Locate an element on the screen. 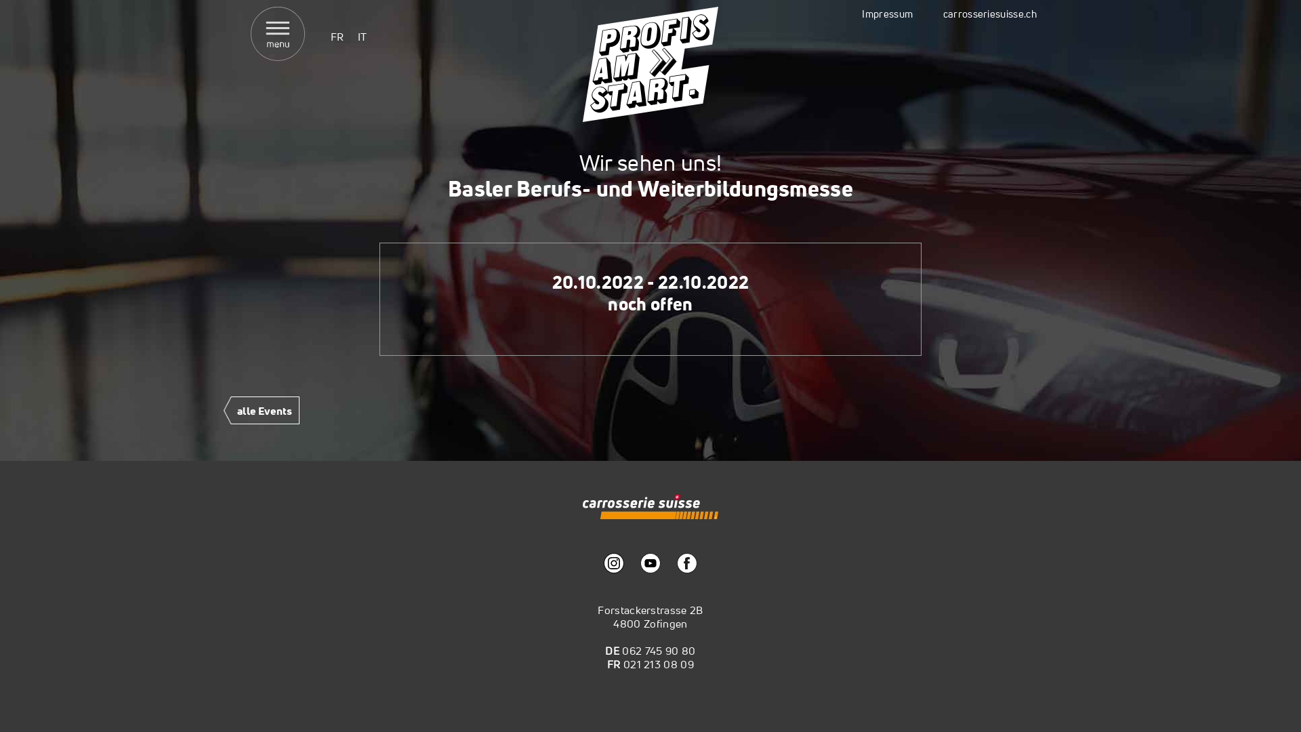  'Impressum' is located at coordinates (887, 14).